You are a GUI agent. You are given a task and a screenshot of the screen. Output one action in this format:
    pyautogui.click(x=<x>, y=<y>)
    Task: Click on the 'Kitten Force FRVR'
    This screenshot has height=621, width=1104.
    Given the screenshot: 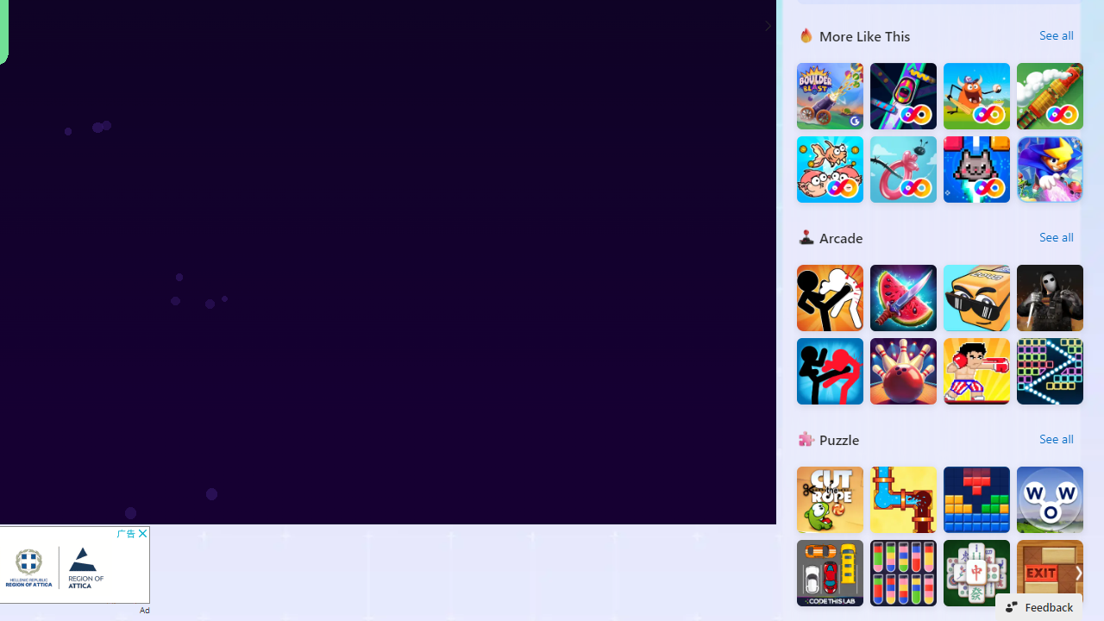 What is the action you would take?
    pyautogui.click(x=976, y=169)
    